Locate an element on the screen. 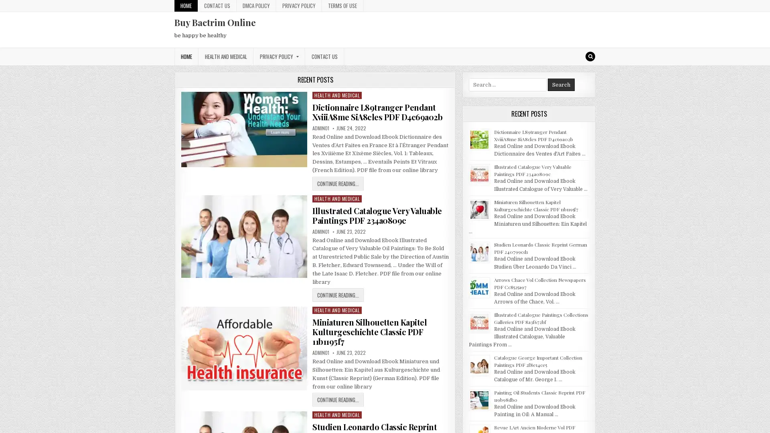 The image size is (770, 433). Search is located at coordinates (561, 85).